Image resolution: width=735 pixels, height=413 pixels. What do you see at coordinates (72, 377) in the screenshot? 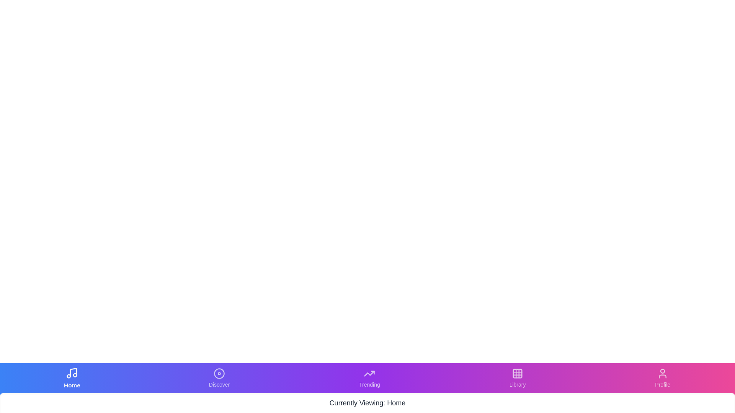
I see `the Home tab to navigate to it` at bounding box center [72, 377].